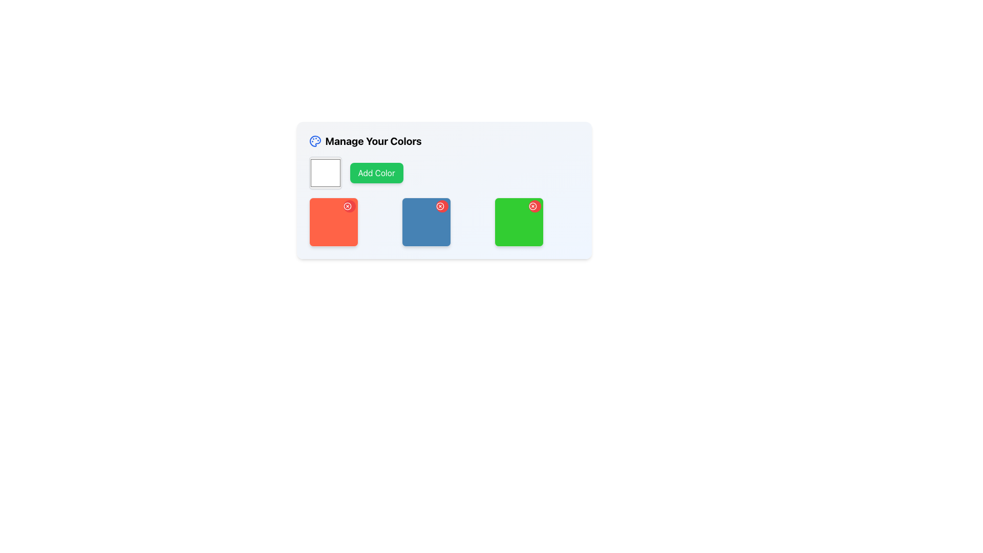 The height and width of the screenshot is (553, 983). Describe the element at coordinates (532, 206) in the screenshot. I see `the deletion button associated with the green tile located in the top-right corner of the grid layout to receive additional information or visual feedback` at that location.